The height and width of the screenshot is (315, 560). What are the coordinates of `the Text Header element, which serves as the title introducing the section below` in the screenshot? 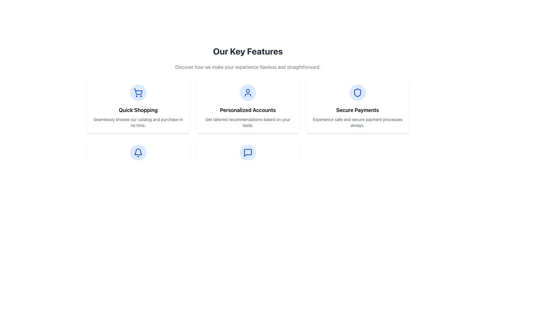 It's located at (248, 51).